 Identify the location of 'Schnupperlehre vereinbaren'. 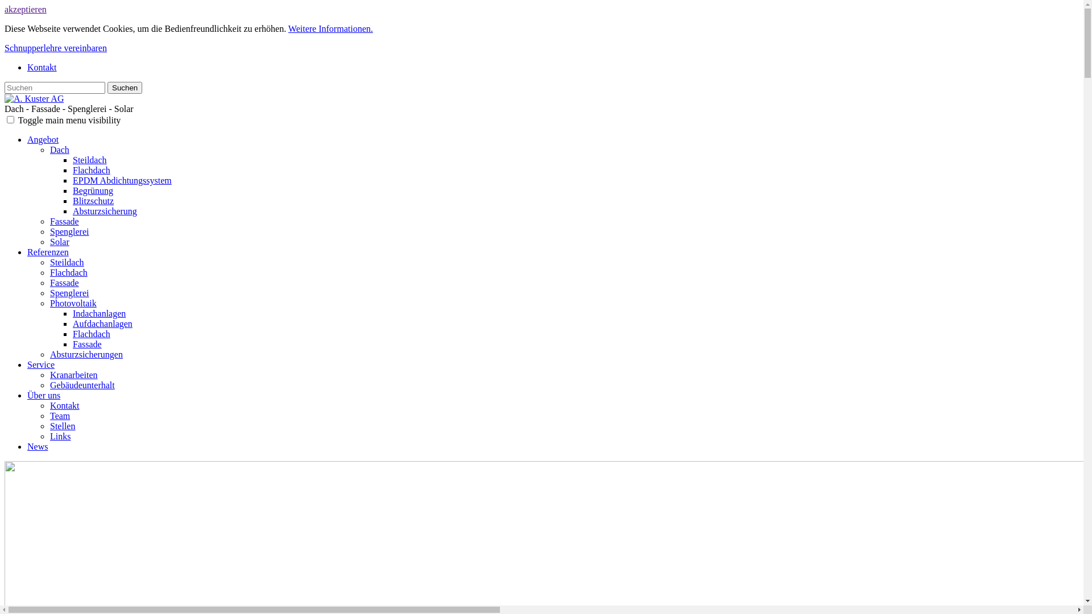
(55, 47).